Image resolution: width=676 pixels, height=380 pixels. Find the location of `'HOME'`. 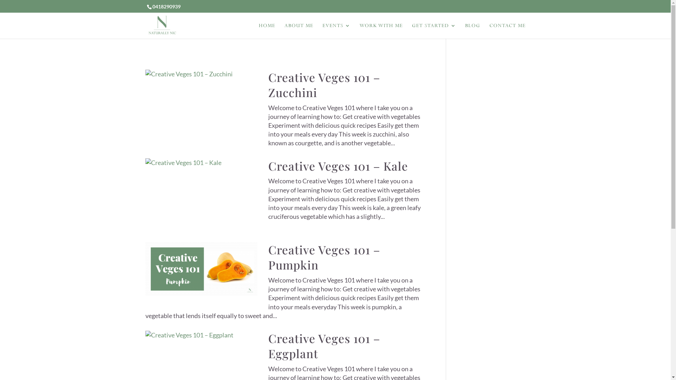

'HOME' is located at coordinates (266, 31).